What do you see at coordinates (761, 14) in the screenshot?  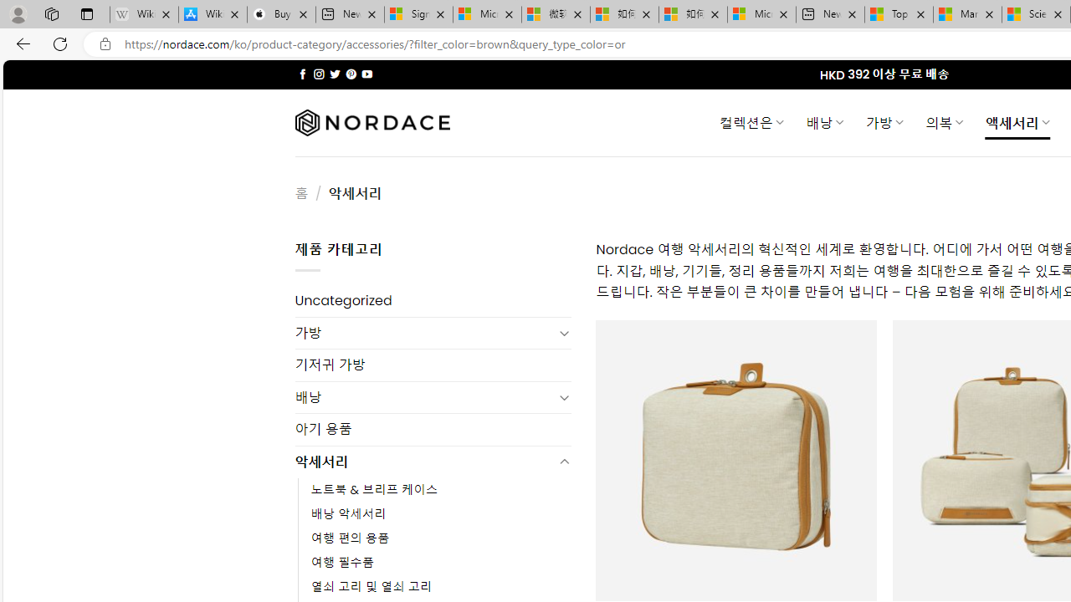 I see `'Microsoft account | Account Checkup'` at bounding box center [761, 14].